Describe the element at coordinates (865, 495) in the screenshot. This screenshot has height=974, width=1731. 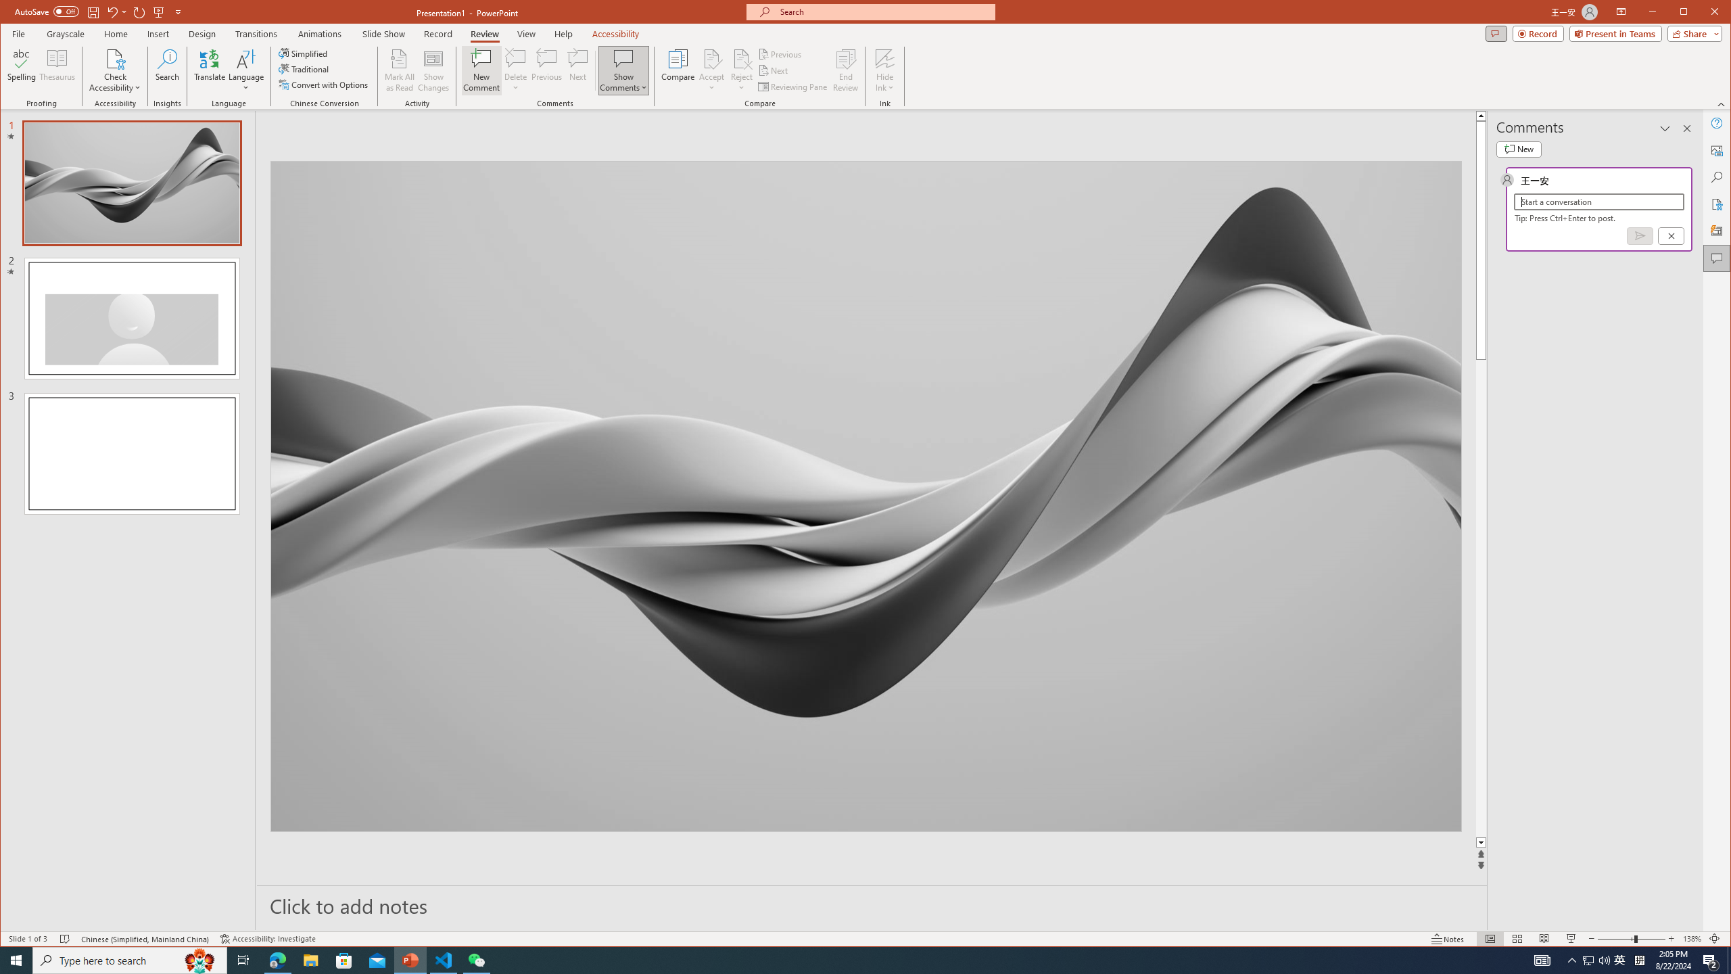
I see `'Wavy 3D art'` at that location.